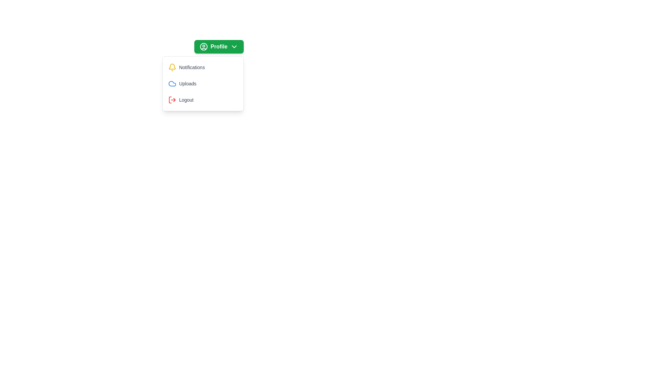 This screenshot has height=366, width=650. Describe the element at coordinates (202, 83) in the screenshot. I see `the 'Uploads' option in the menu` at that location.